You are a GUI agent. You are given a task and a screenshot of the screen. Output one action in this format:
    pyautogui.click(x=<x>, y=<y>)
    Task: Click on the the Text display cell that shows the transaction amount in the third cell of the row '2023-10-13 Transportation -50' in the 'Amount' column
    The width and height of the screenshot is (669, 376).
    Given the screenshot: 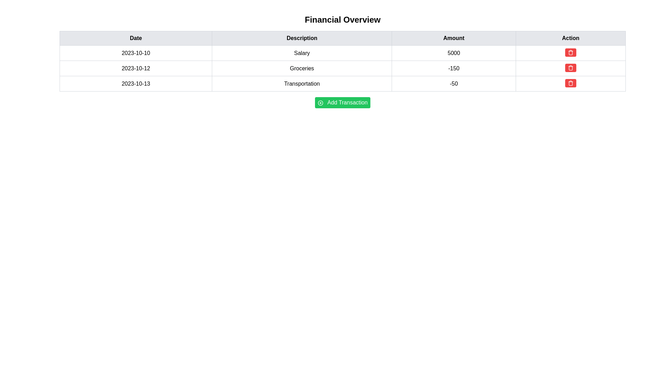 What is the action you would take?
    pyautogui.click(x=454, y=83)
    